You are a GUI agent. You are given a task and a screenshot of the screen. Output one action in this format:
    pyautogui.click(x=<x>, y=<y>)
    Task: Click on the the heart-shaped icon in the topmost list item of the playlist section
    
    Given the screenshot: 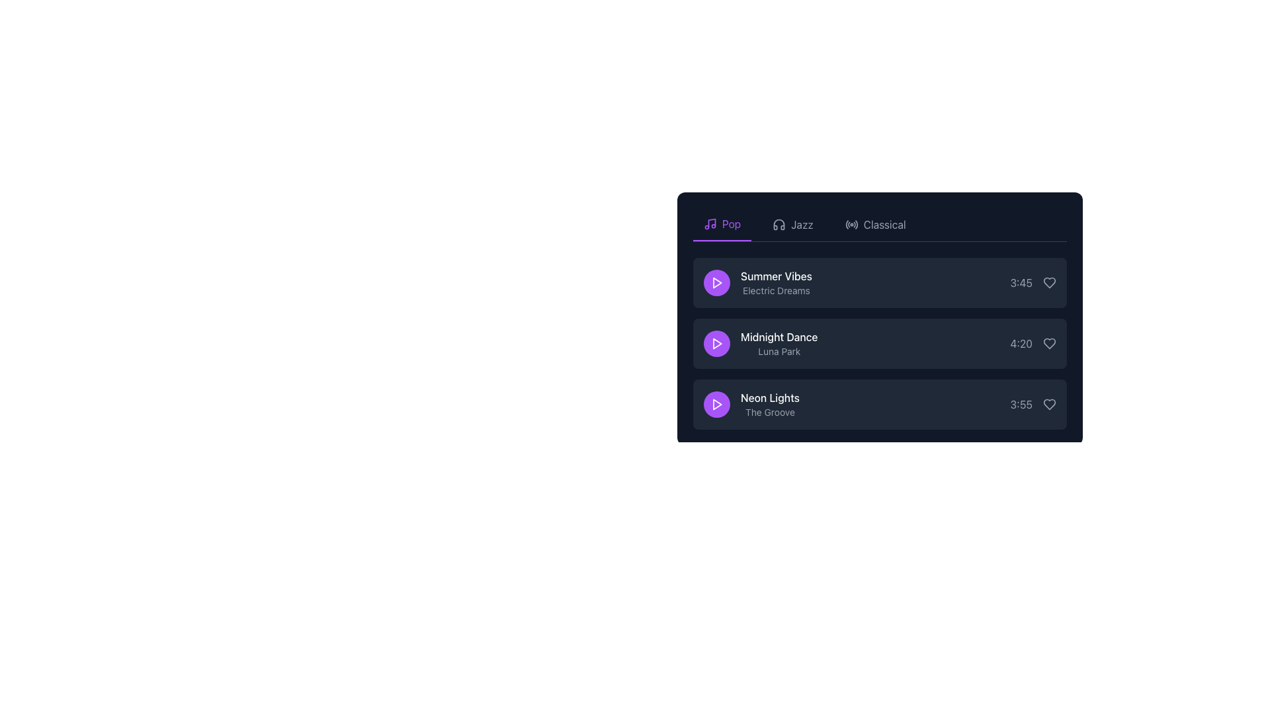 What is the action you would take?
    pyautogui.click(x=1049, y=282)
    